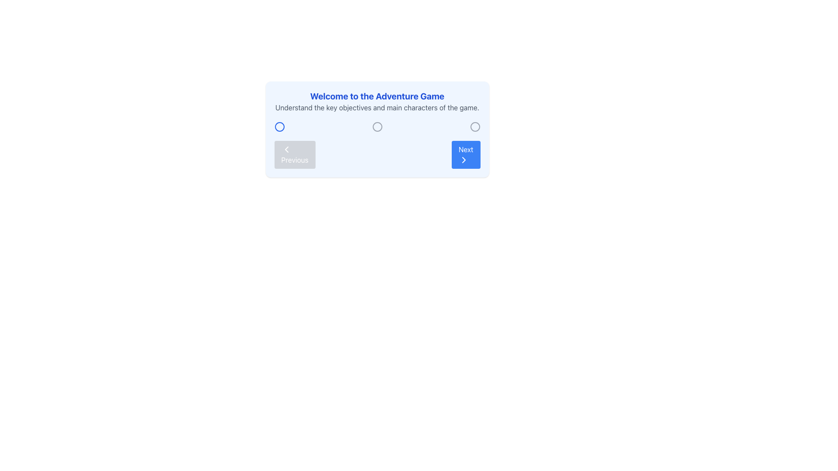  I want to click on the first circular icon in the sequence of three, located at the top-center of the interface beneath the title and description, so click(279, 126).